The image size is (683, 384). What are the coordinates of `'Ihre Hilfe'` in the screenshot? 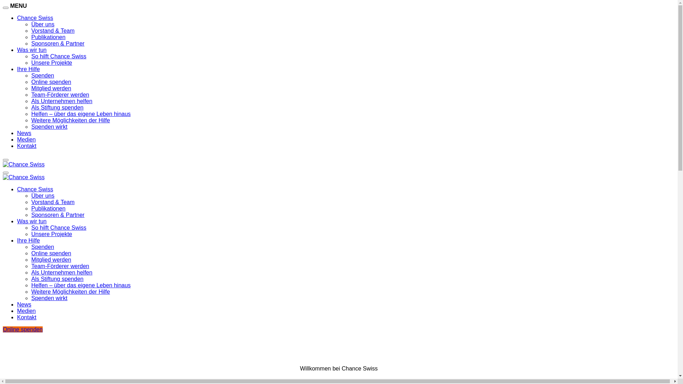 It's located at (28, 240).